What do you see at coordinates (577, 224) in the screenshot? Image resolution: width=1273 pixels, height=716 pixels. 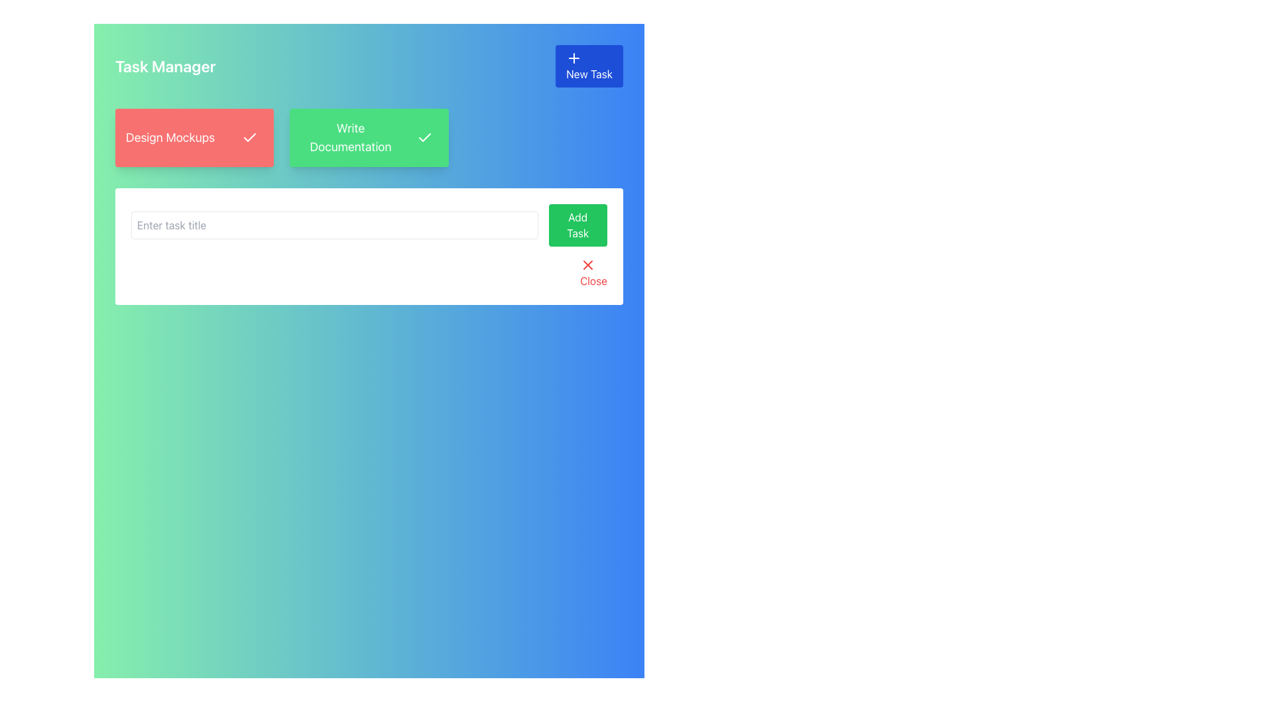 I see `the 'Add Task' button, which is a green rectangular button with rounded corners and white text, located at the bottom right corner of a white rectangle` at bounding box center [577, 224].